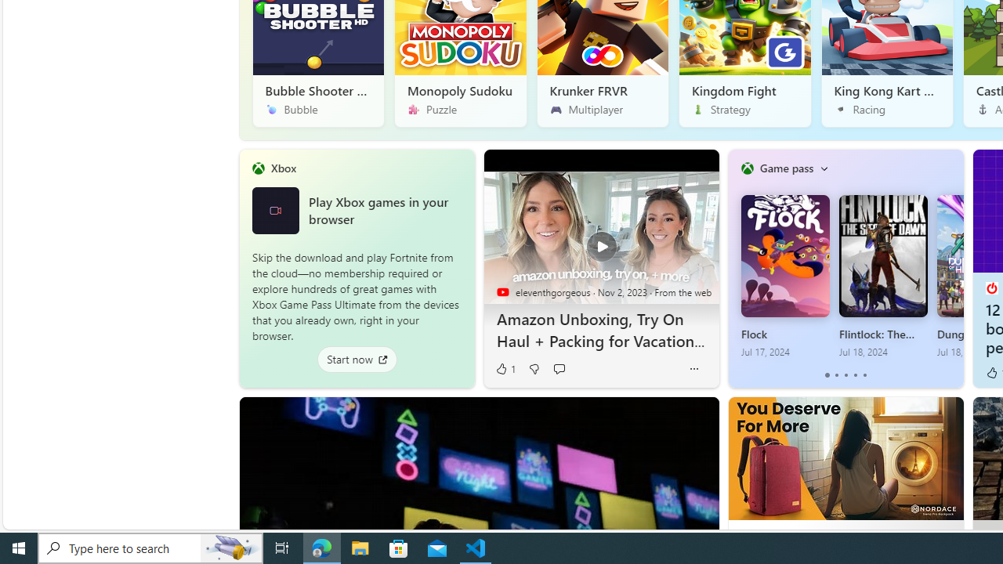 The width and height of the screenshot is (1003, 564). What do you see at coordinates (883, 276) in the screenshot?
I see `'Flintlock: The Siege of Dawn Jul 18, 2024'` at bounding box center [883, 276].